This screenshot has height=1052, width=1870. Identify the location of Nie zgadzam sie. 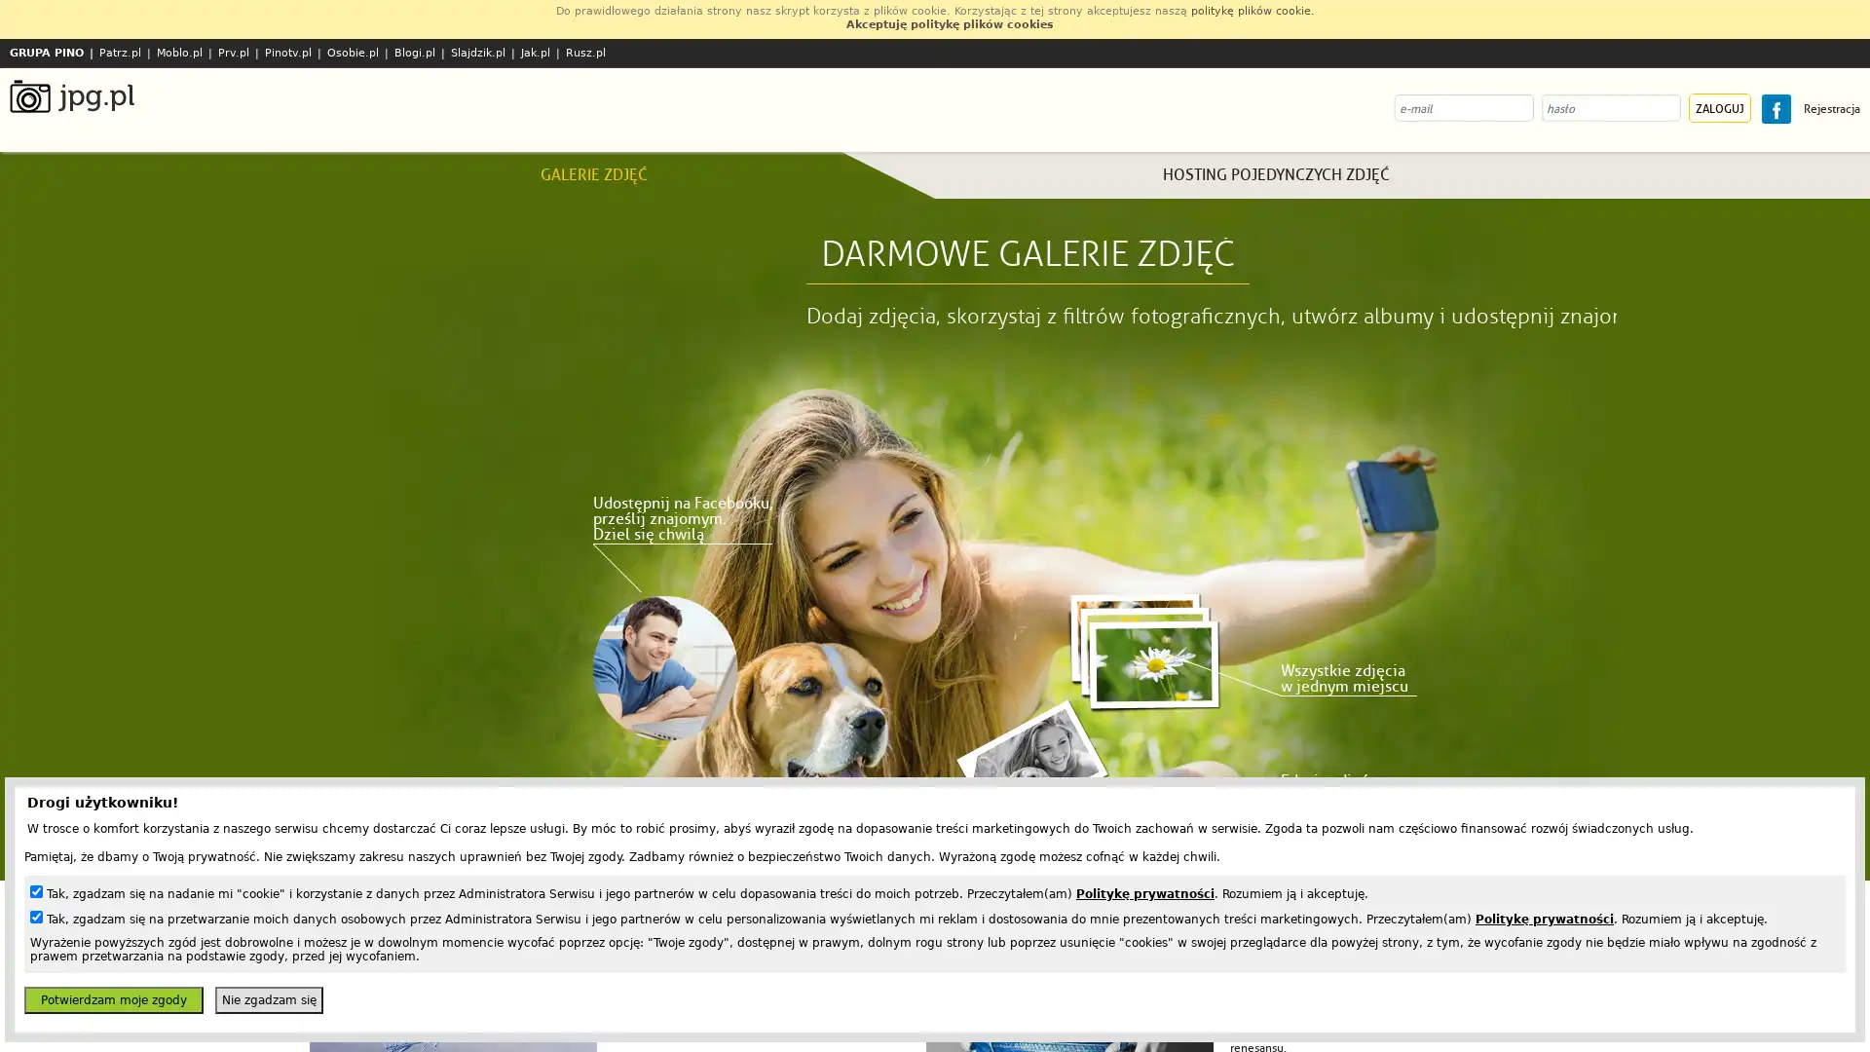
(268, 999).